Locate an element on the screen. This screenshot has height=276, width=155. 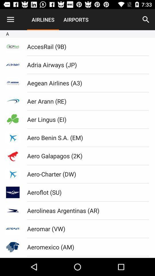
the symbol of aeromexicoam is located at coordinates (13, 247).